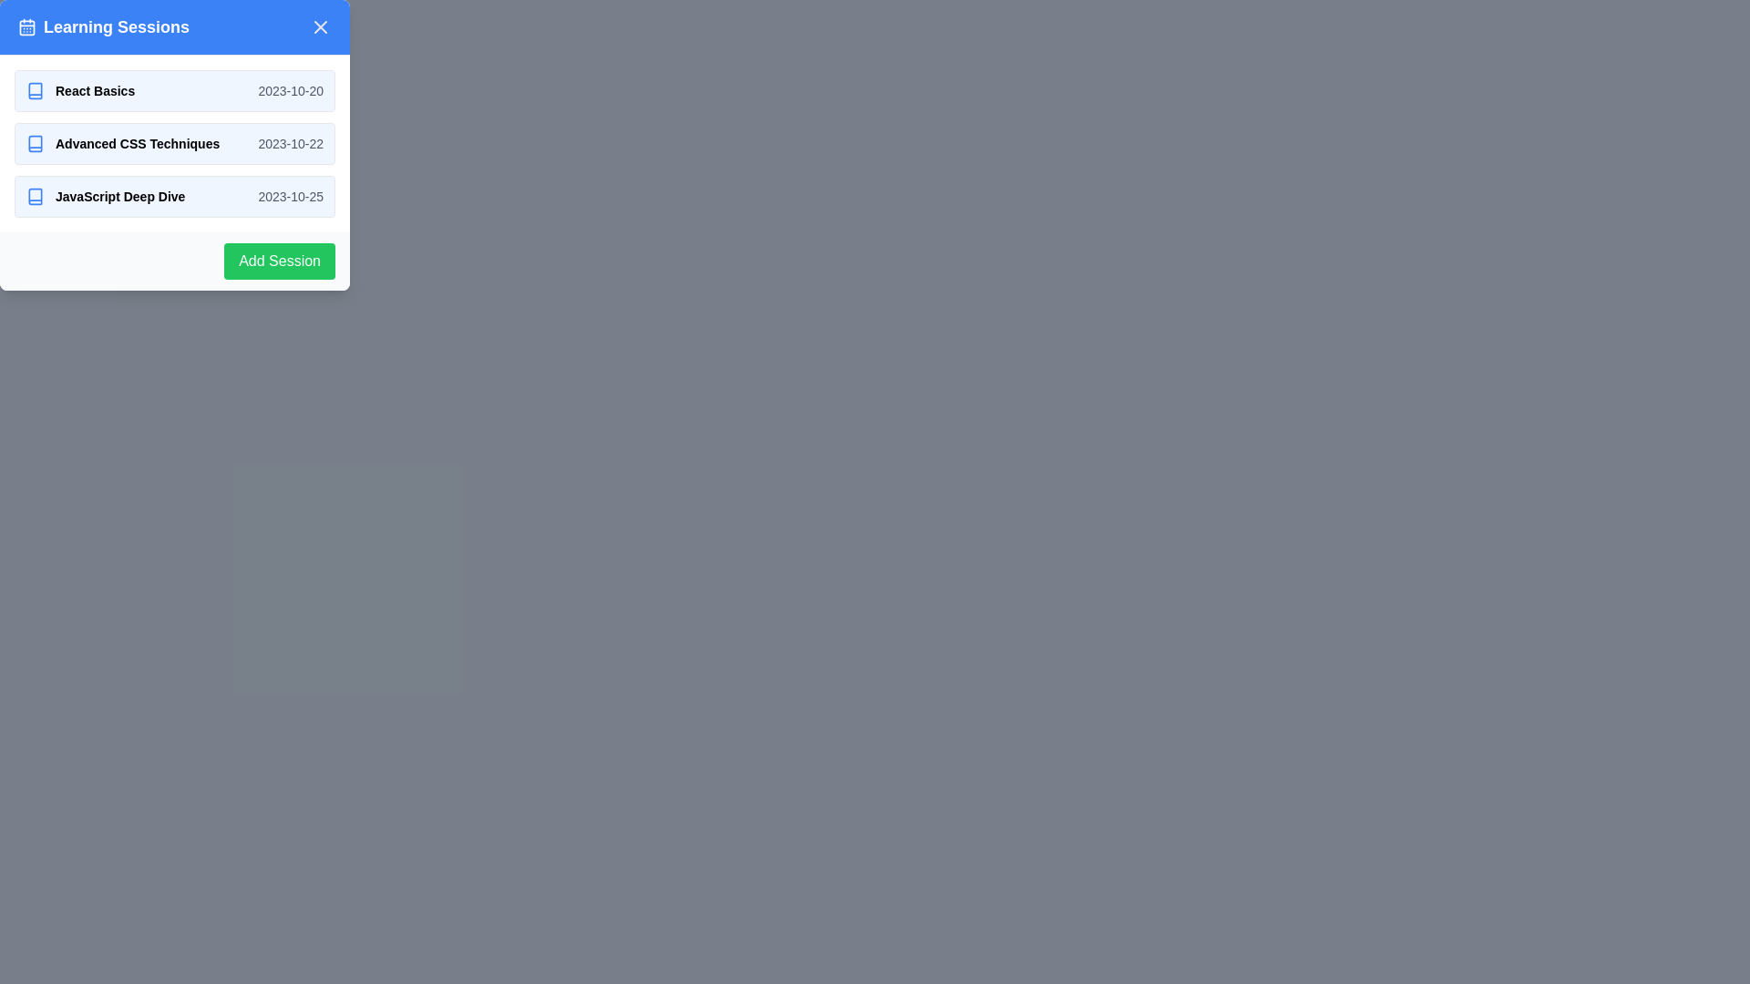  Describe the element at coordinates (35, 197) in the screenshot. I see `the blue icon featuring a book symbol, located to the left of the 'JavaScript Deep Dive' text in the vertical list of sessions` at that location.